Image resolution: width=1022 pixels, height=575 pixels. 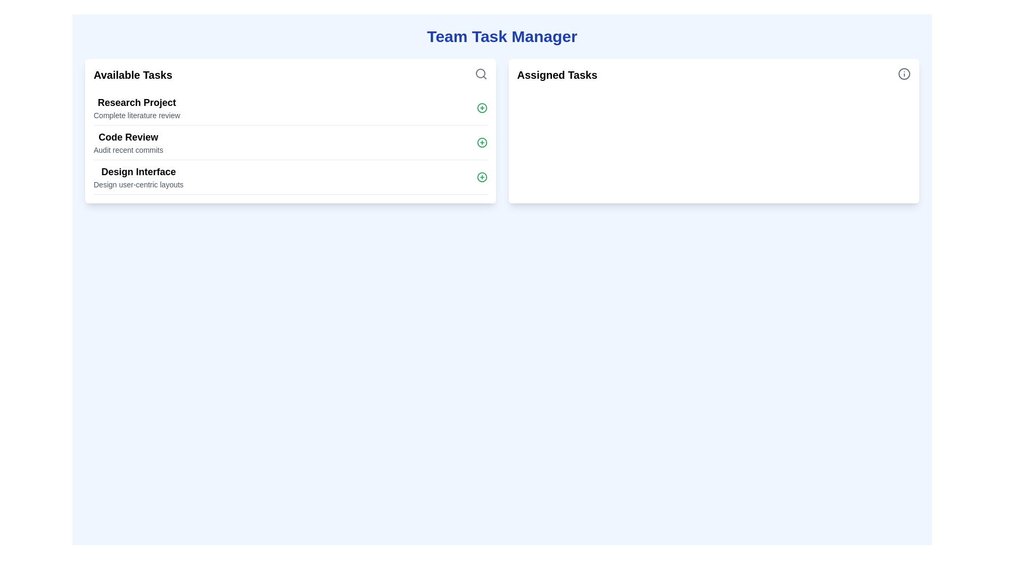 I want to click on the information icon located to the right of the 'Assigned Tasks' text in the top-right corner of the card, so click(x=904, y=73).